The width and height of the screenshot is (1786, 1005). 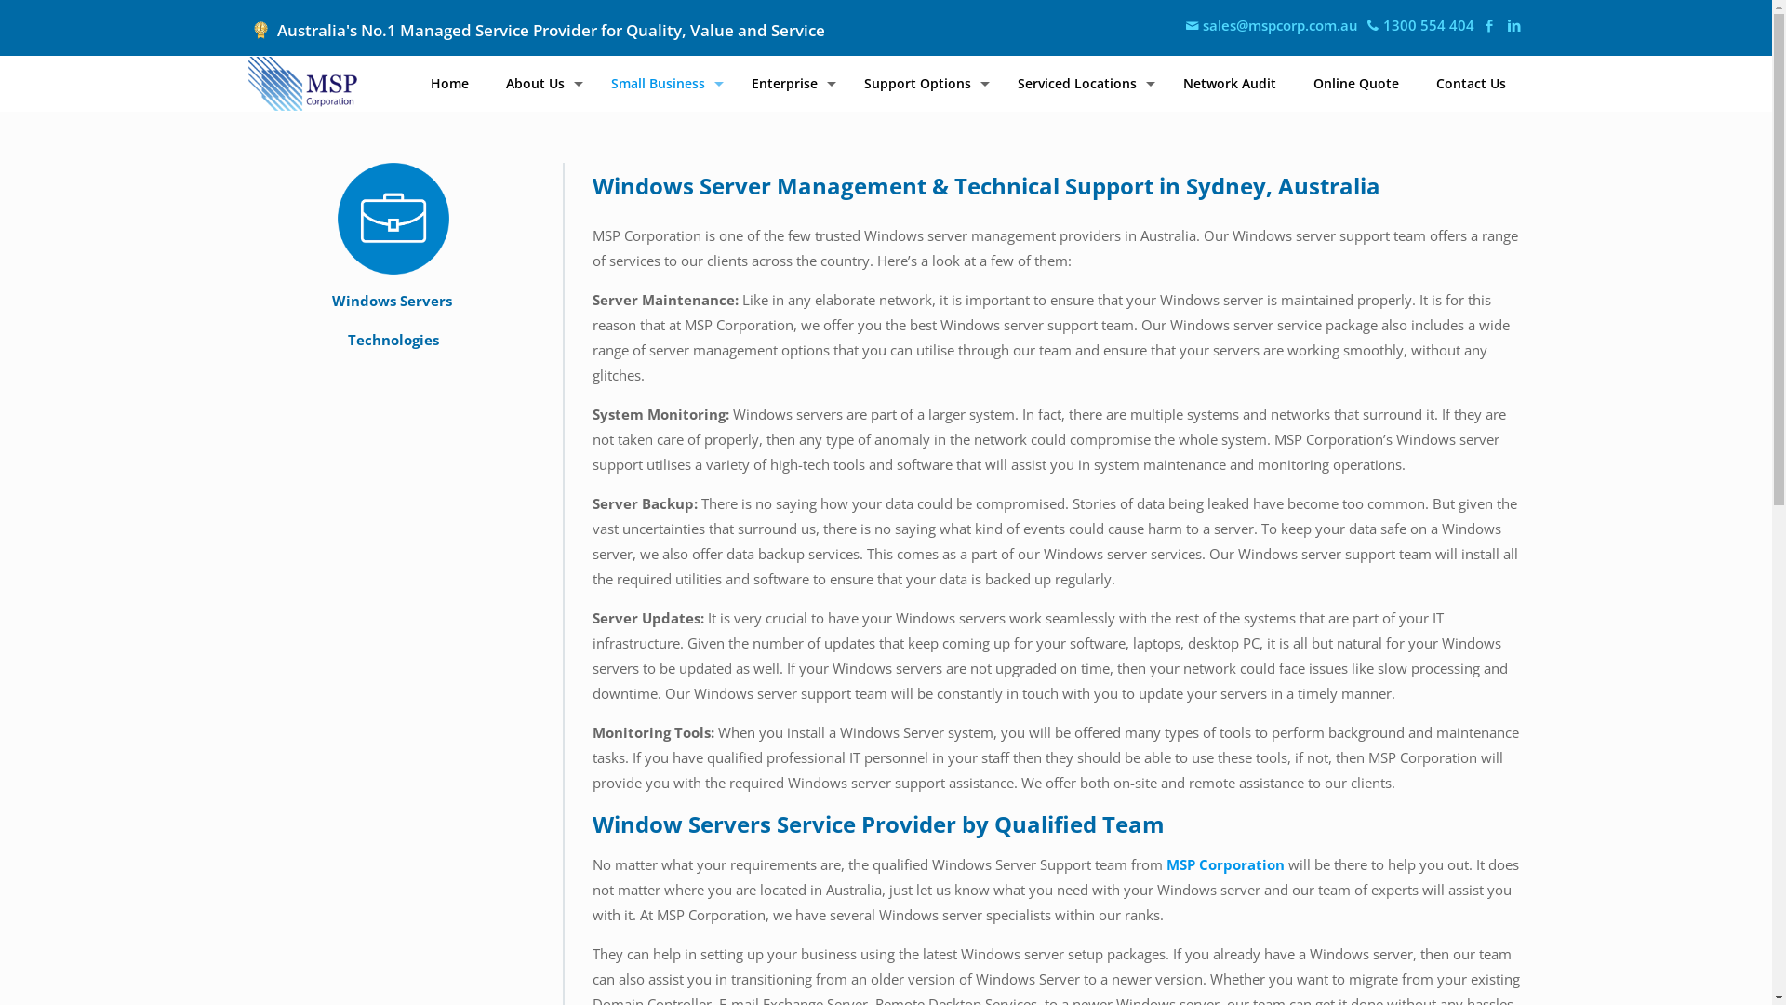 What do you see at coordinates (1470, 82) in the screenshot?
I see `'Contact Us'` at bounding box center [1470, 82].